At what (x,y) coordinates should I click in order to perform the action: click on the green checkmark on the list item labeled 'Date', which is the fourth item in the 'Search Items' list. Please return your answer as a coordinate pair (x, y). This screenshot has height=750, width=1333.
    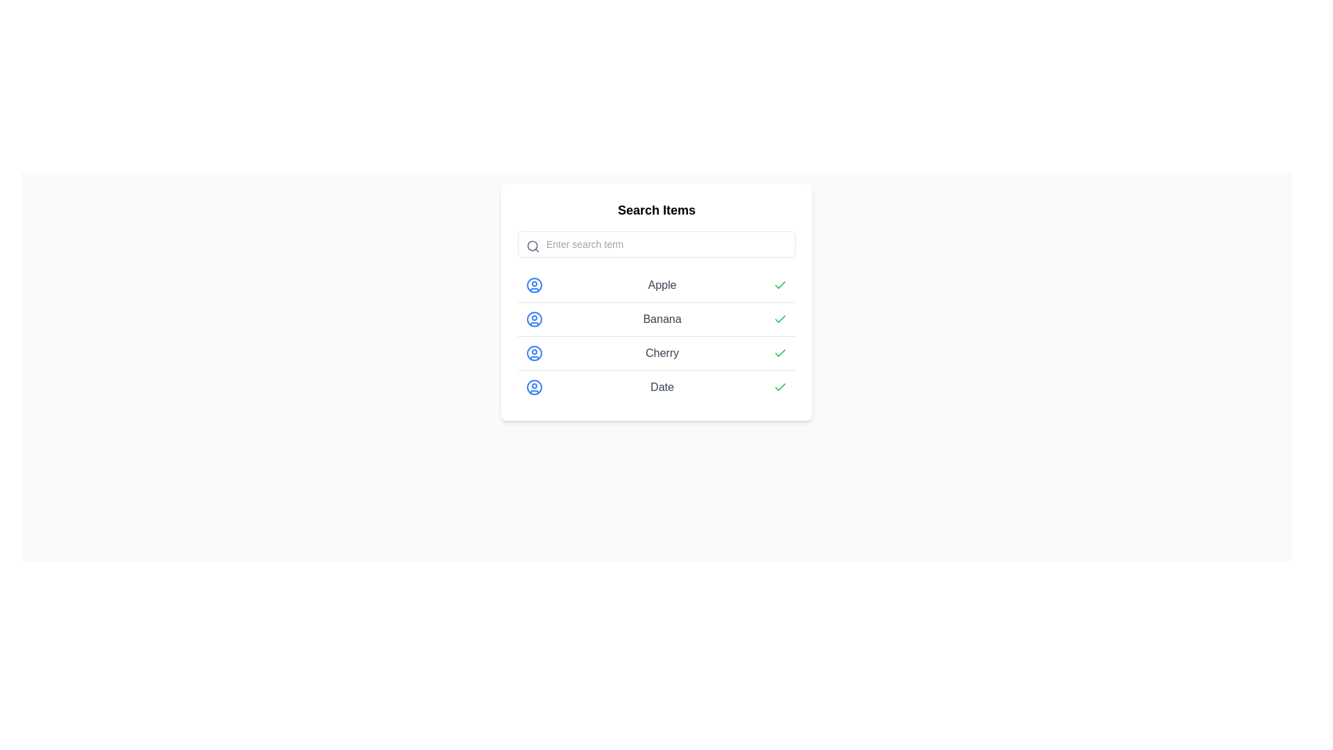
    Looking at the image, I should click on (655, 387).